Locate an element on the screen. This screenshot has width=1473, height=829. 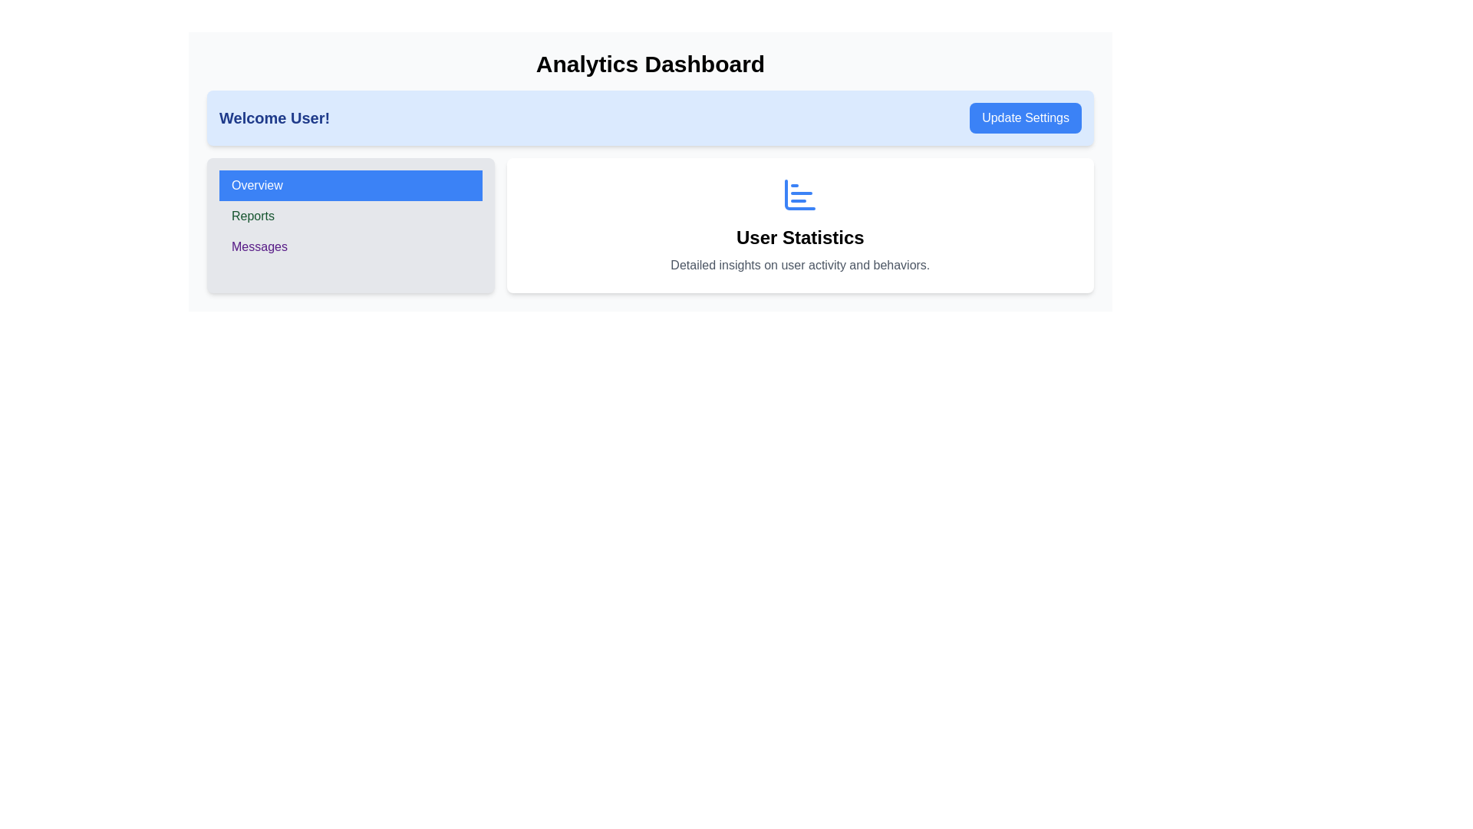
the informational panel located in the second column of the grid layout under the 'Welcome User!' header is located at coordinates (799, 225).